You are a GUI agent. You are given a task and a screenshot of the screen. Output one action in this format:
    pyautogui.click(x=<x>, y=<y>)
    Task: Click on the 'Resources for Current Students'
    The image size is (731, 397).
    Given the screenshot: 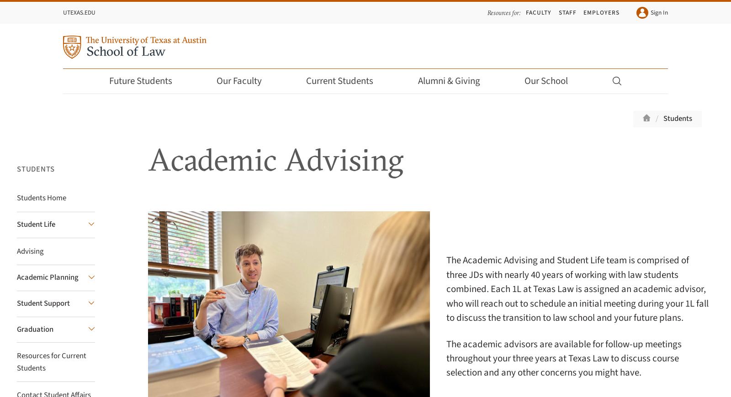 What is the action you would take?
    pyautogui.click(x=51, y=362)
    